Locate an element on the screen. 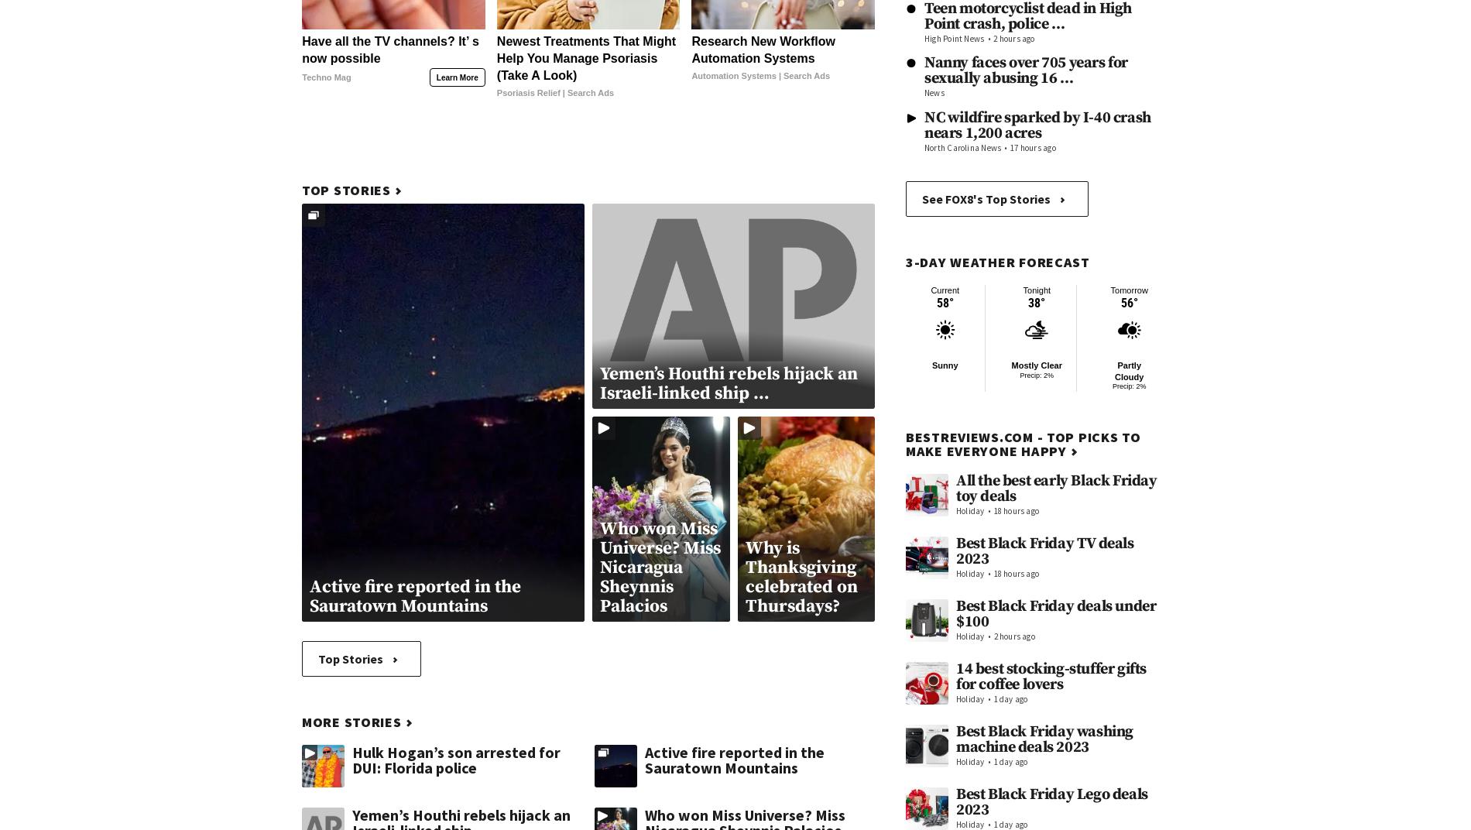  'Hulk Hogan’s son arrested for DUI: Florida police' is located at coordinates (456, 759).